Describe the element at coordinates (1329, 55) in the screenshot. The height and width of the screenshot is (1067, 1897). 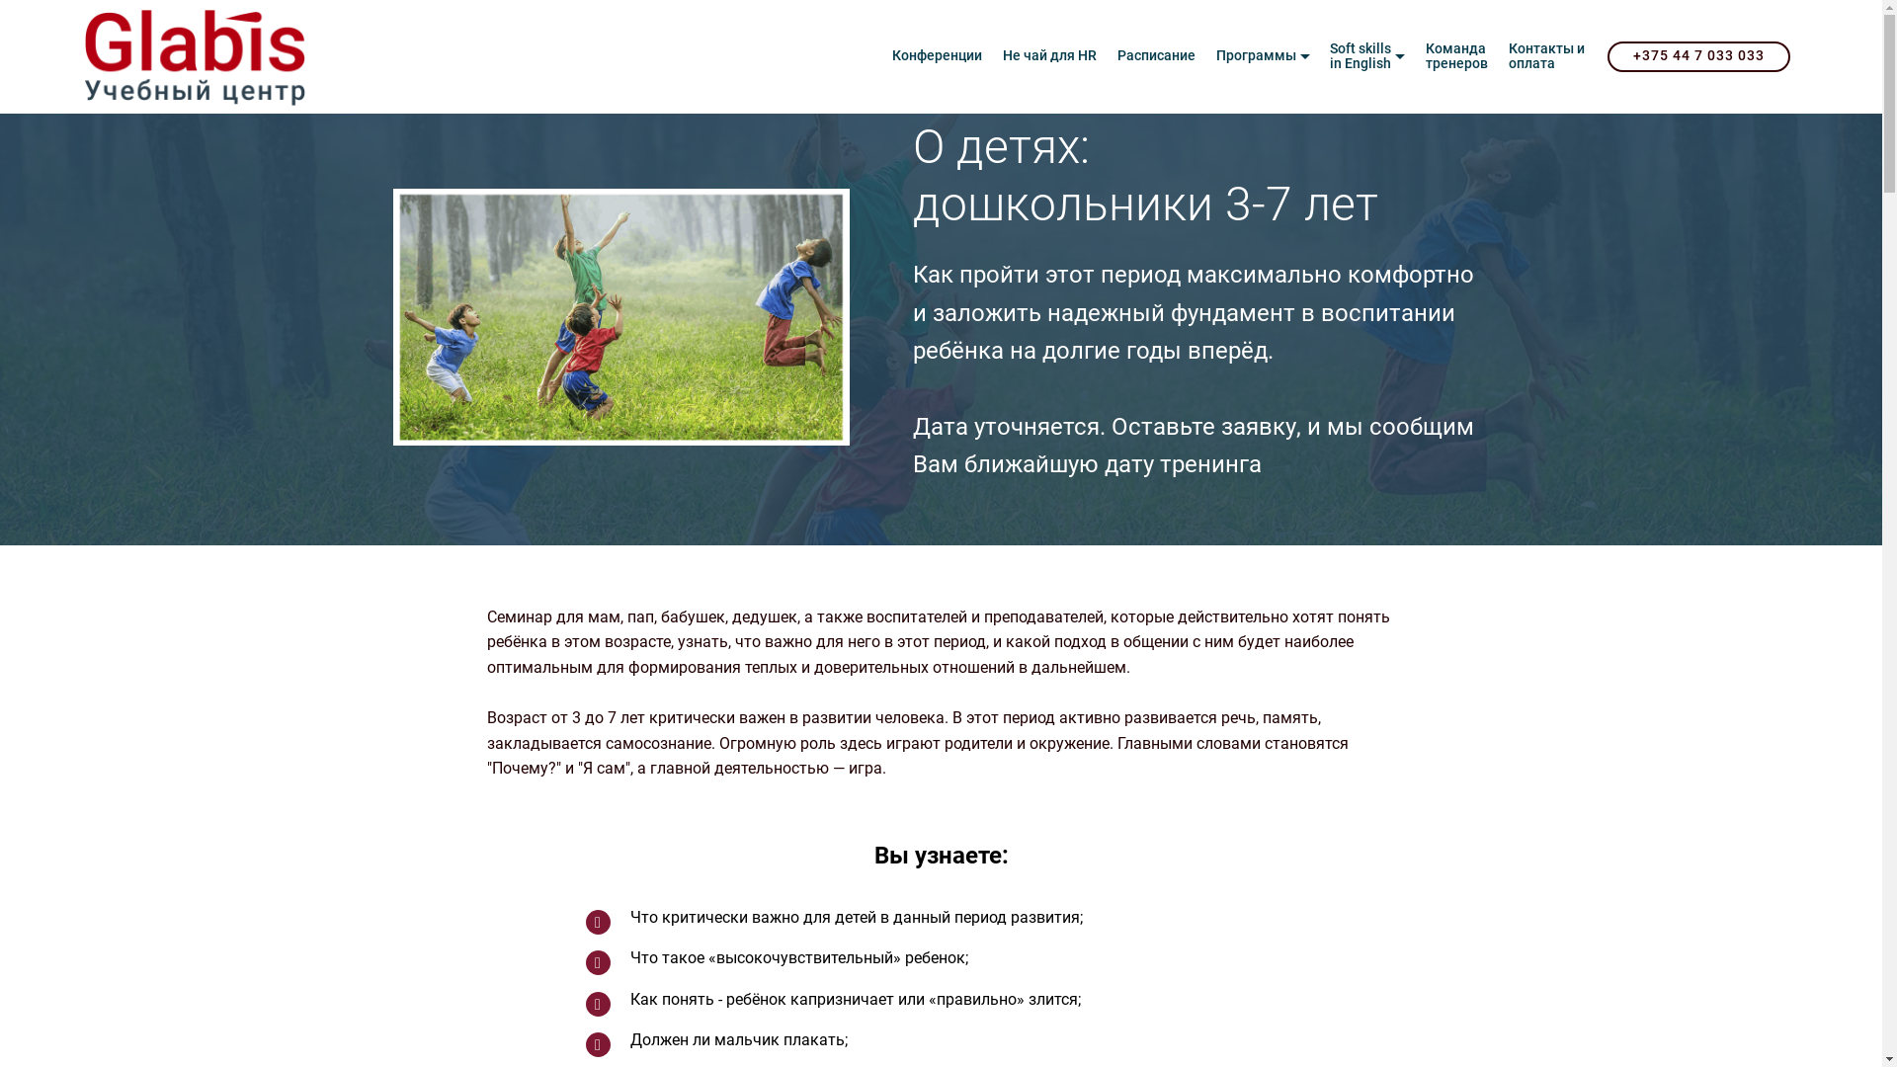
I see `'Soft skills` at that location.